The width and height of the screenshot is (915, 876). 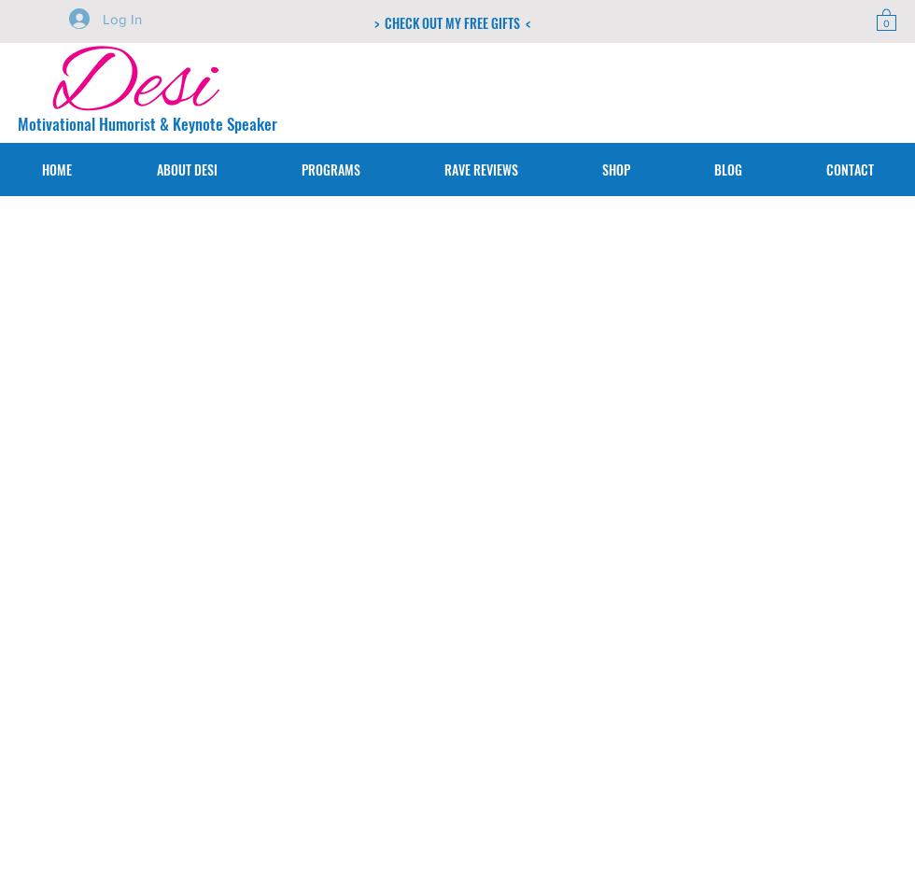 What do you see at coordinates (288, 471) in the screenshot?
I see `'Planning and executing a SUCCESSFUL and UNFORGETTABLE event is no easy feat! That’s why'` at bounding box center [288, 471].